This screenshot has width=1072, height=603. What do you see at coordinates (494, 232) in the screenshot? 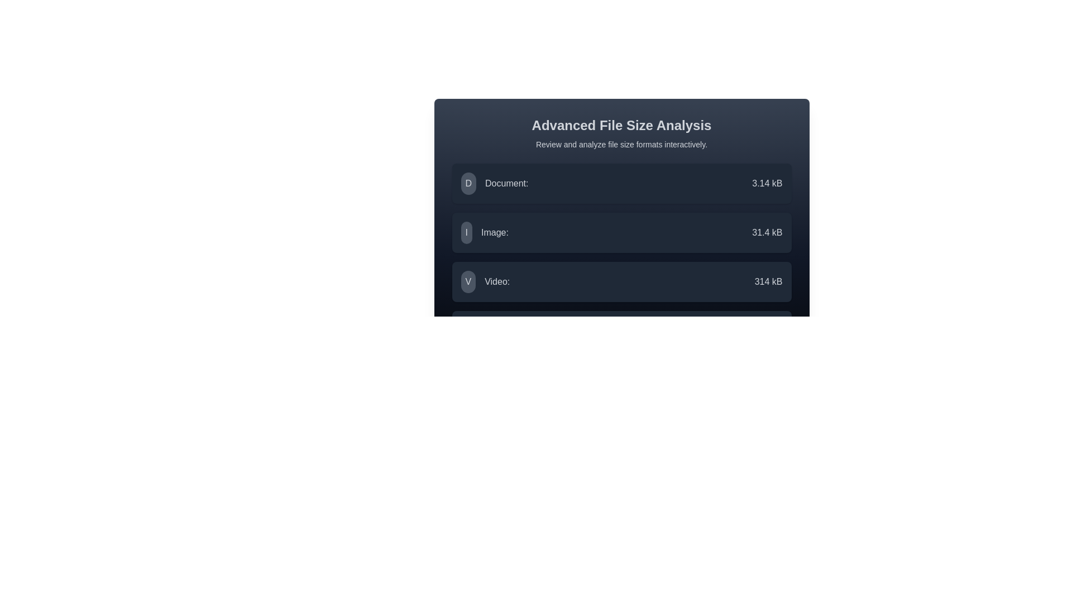
I see `text label displaying 'Image:' which is styled in a light color against a dark background, positioned below 'Document:' and above 'Video:' in the middle section of a vertical list` at bounding box center [494, 232].